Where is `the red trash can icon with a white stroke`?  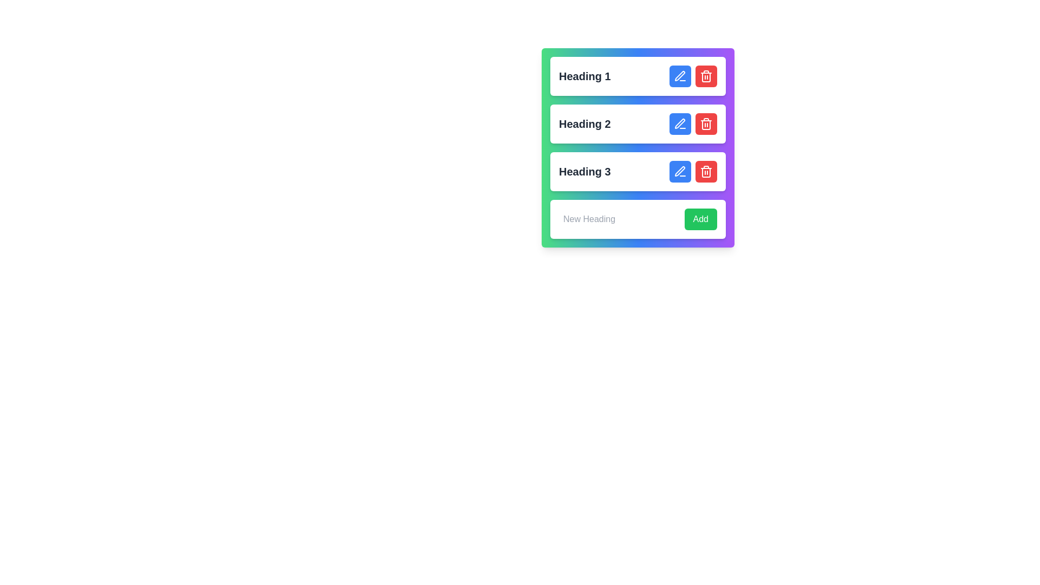 the red trash can icon with a white stroke is located at coordinates (706, 76).